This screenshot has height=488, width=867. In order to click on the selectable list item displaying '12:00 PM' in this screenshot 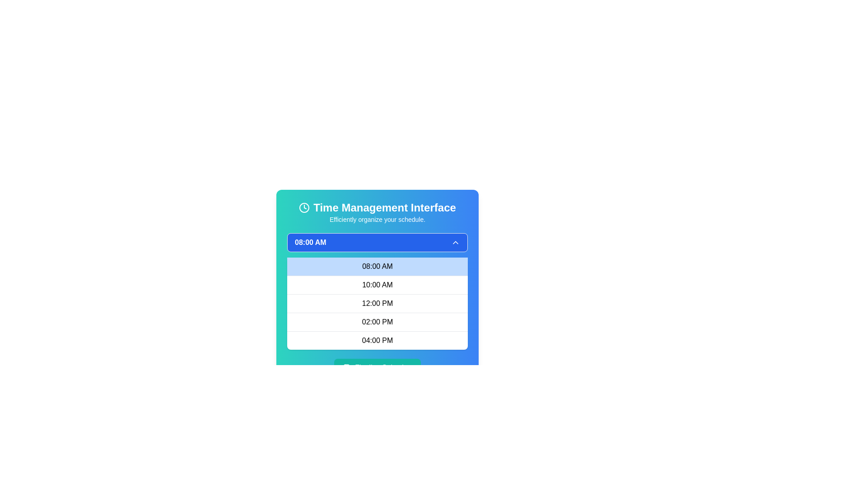, I will do `click(377, 303)`.